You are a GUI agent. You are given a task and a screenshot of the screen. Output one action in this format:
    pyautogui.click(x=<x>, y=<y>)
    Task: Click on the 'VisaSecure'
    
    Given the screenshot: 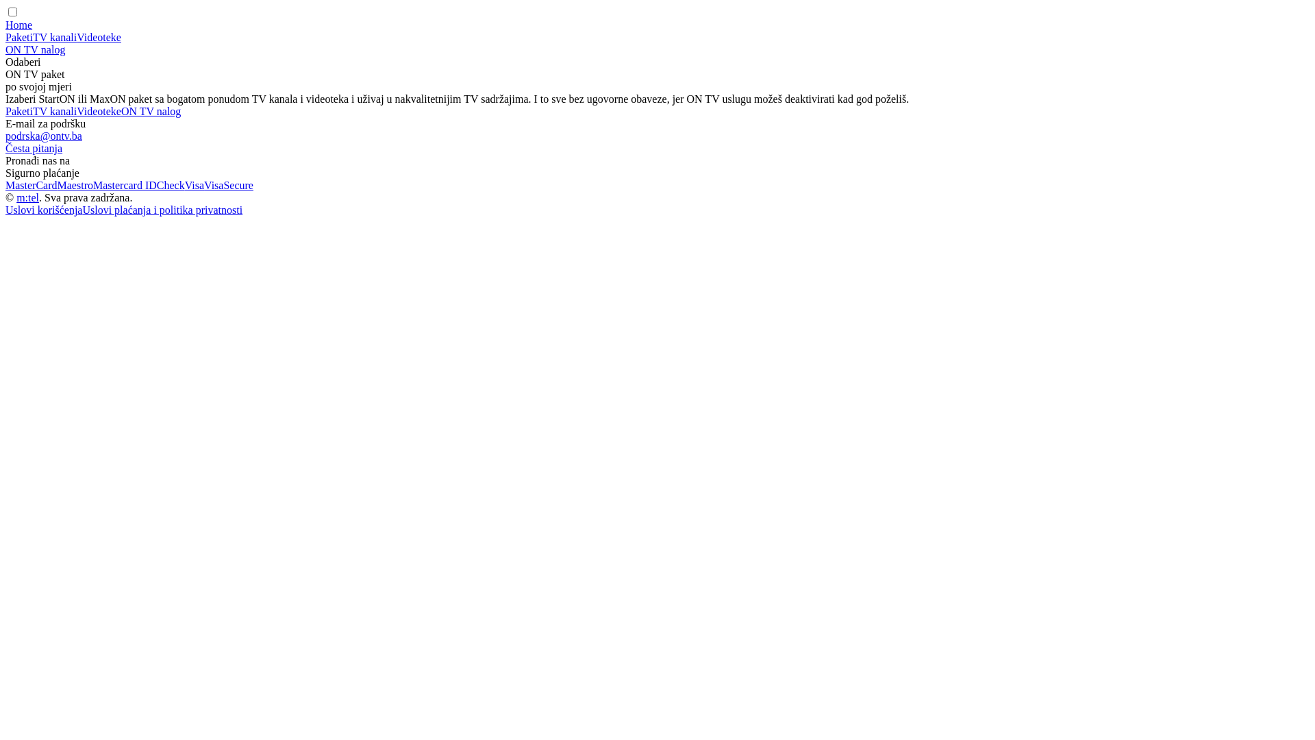 What is the action you would take?
    pyautogui.click(x=229, y=185)
    